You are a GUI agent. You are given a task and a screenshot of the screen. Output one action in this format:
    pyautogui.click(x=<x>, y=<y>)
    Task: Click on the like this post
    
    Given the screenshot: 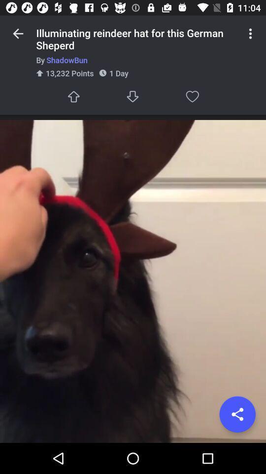 What is the action you would take?
    pyautogui.click(x=73, y=96)
    